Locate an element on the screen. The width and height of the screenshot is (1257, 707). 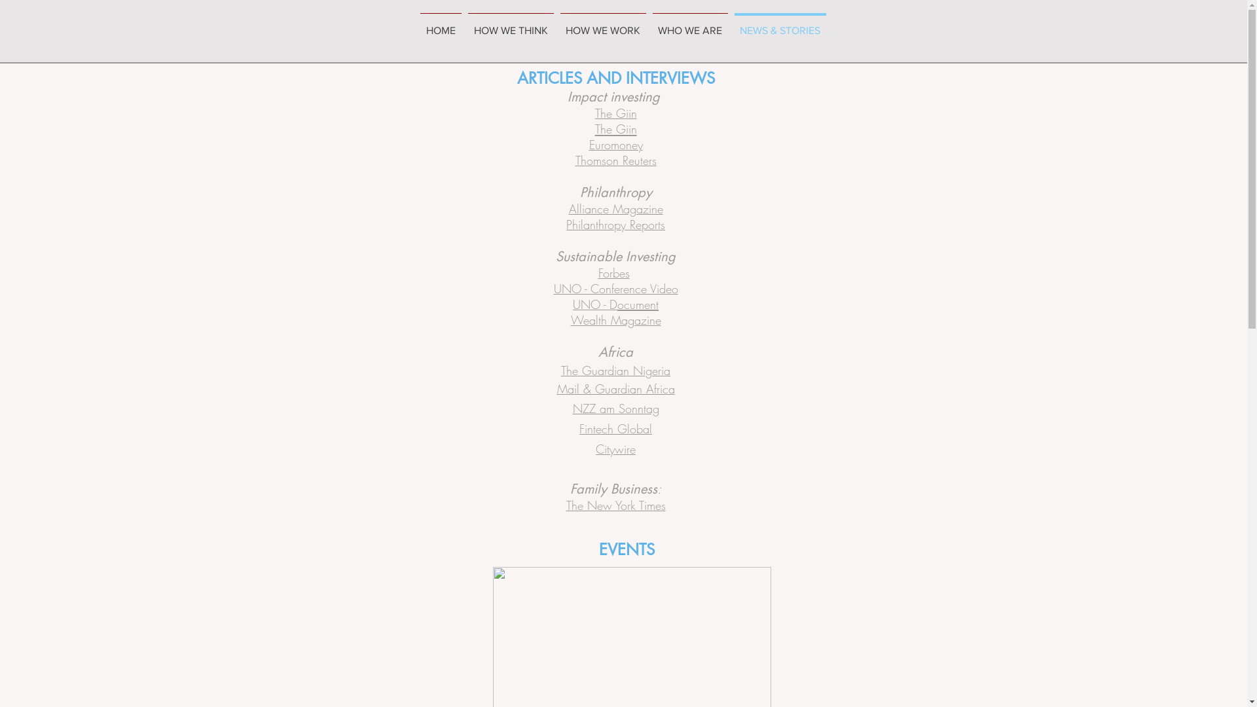
'Wealth Magazine' is located at coordinates (615, 320).